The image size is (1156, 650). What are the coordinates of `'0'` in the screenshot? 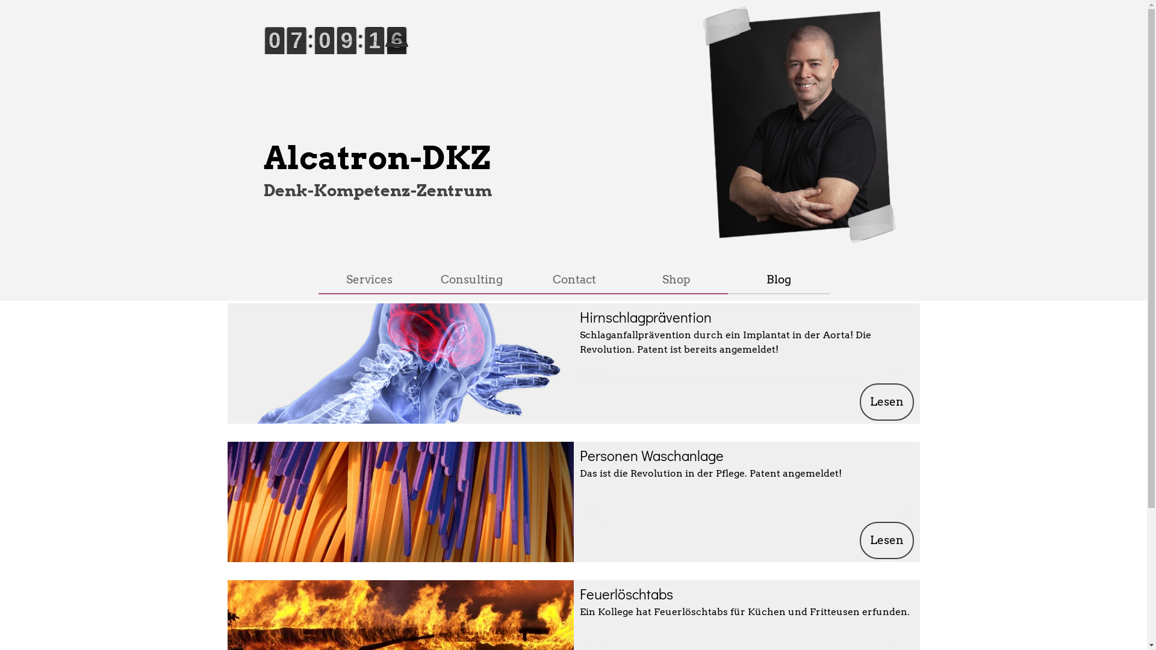 It's located at (382, 55).